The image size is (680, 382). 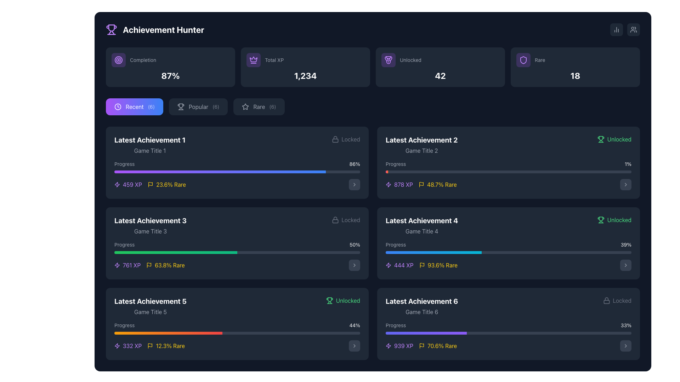 What do you see at coordinates (150, 184) in the screenshot?
I see `visual information from the flag icon, which is styled with thin, sharp outlines and indicates achievements or progression data` at bounding box center [150, 184].